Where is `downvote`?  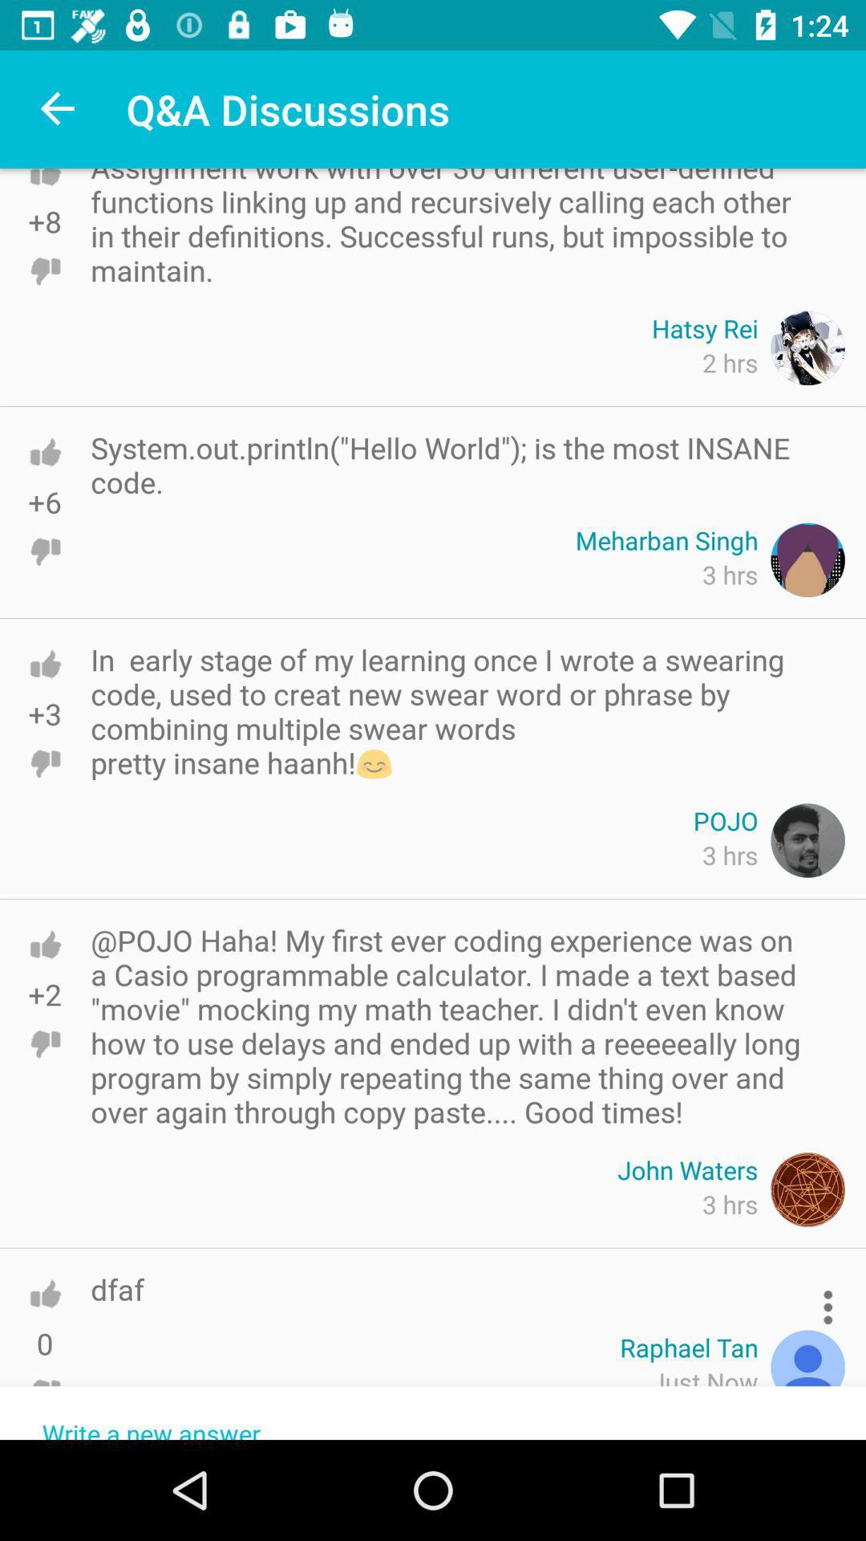
downvote is located at coordinates (44, 551).